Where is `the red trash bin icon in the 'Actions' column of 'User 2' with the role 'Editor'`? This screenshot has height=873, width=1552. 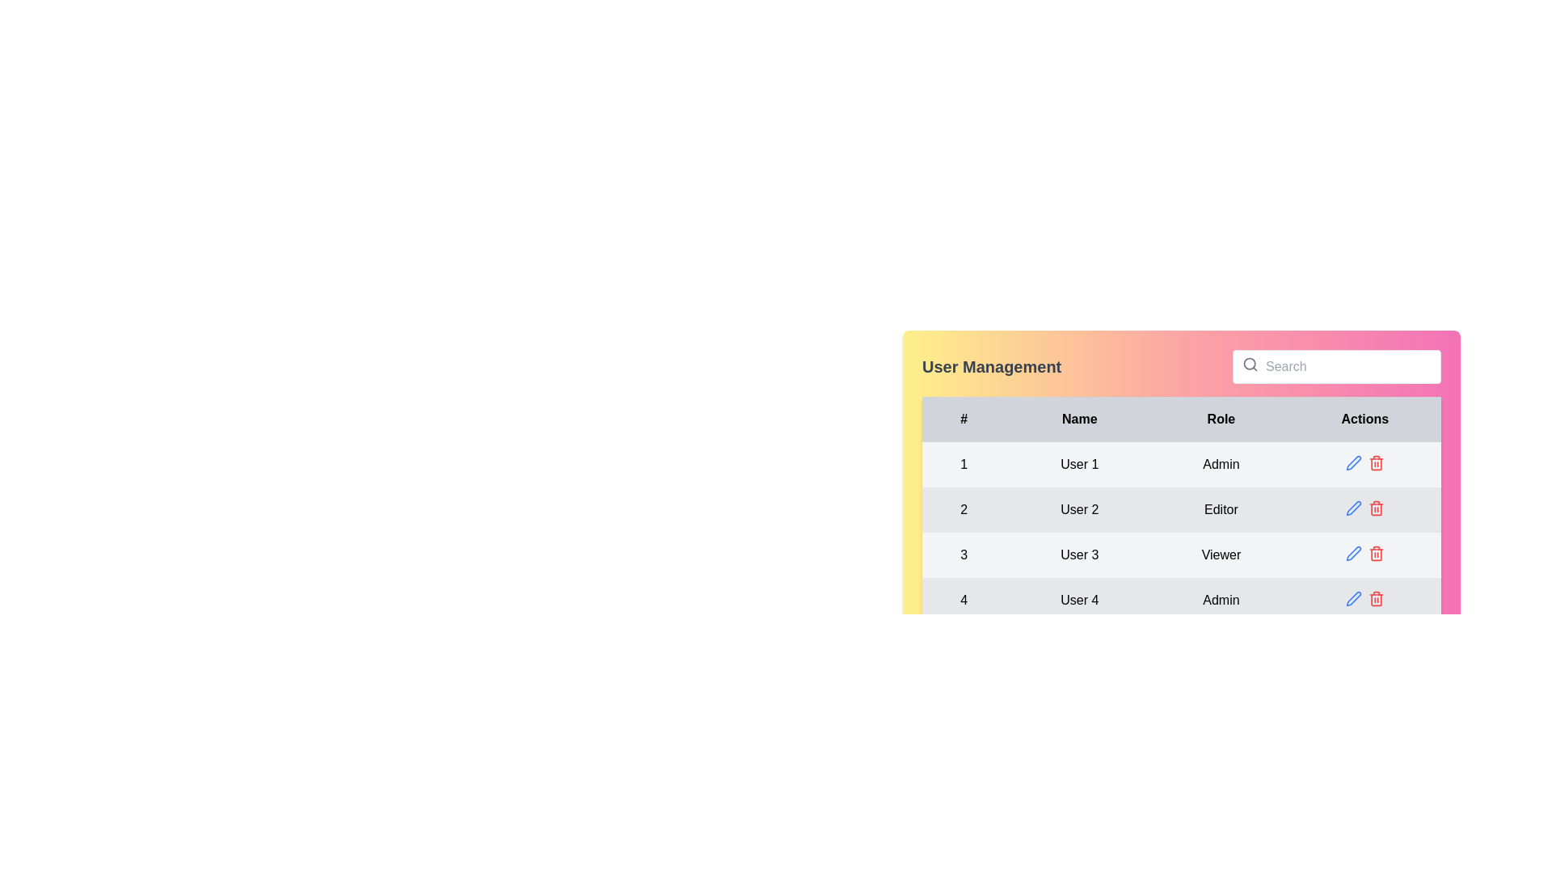
the red trash bin icon in the 'Actions' column of 'User 2' with the role 'Editor' is located at coordinates (1364, 507).